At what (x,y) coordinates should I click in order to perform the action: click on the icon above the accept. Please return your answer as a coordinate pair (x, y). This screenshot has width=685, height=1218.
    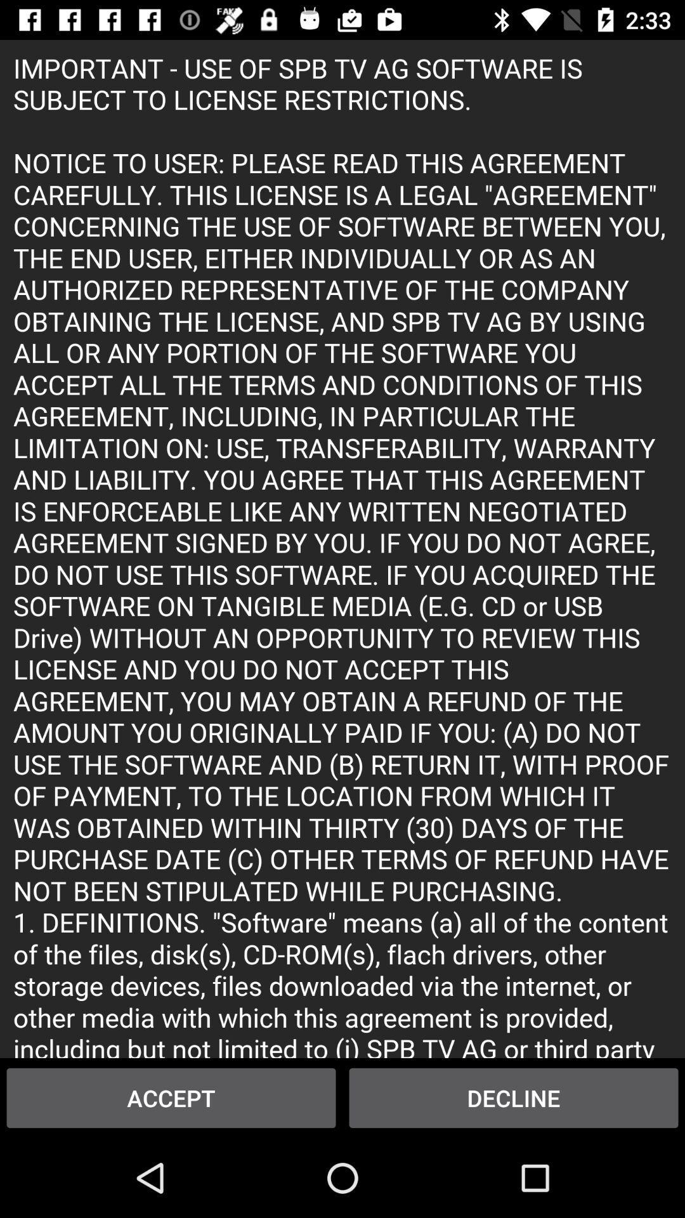
    Looking at the image, I should click on (342, 549).